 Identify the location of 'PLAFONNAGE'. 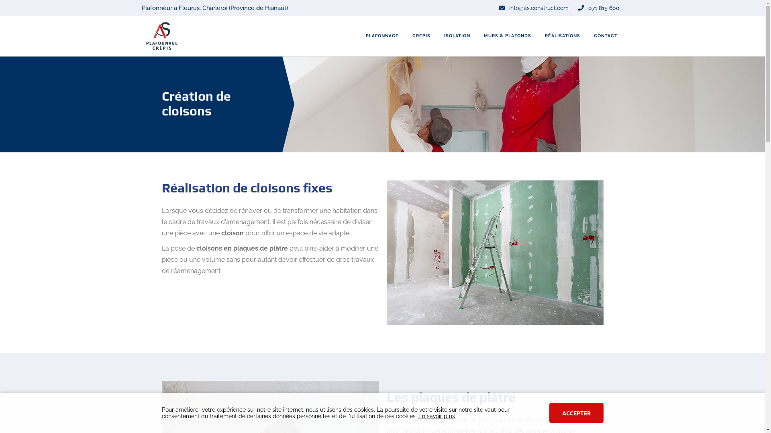
(381, 35).